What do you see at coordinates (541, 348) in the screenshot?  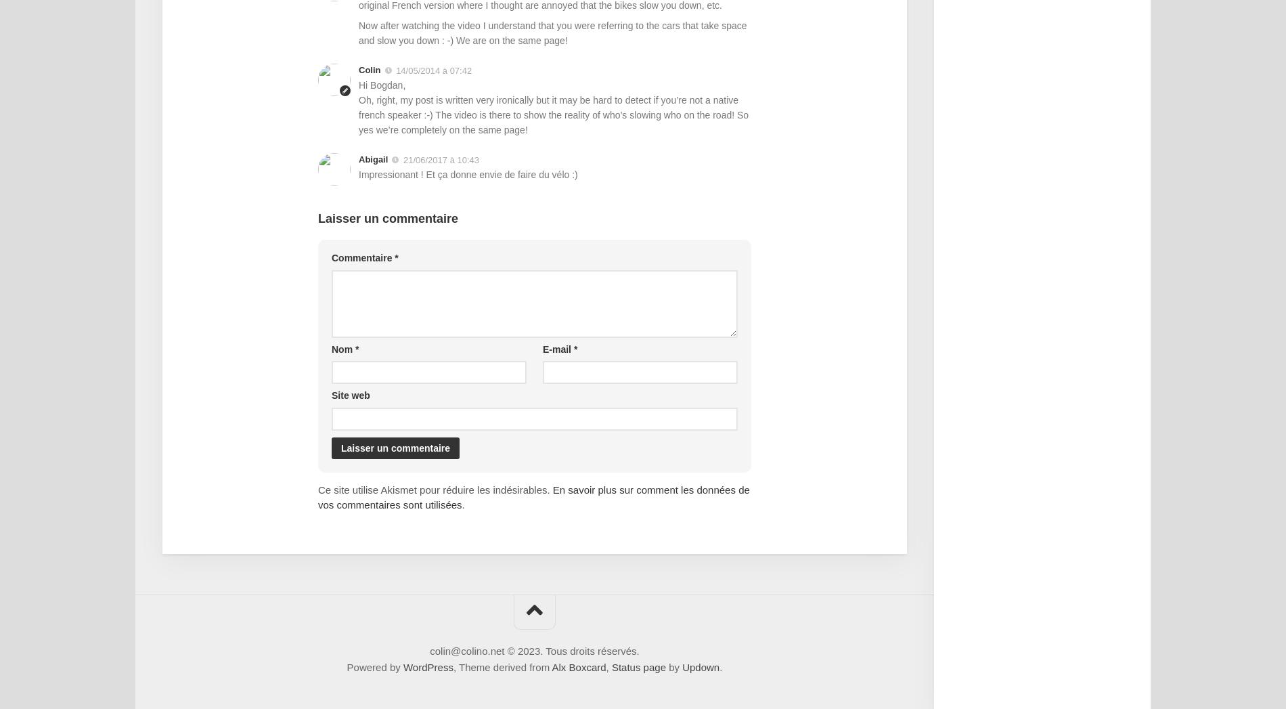 I see `'E-mail'` at bounding box center [541, 348].